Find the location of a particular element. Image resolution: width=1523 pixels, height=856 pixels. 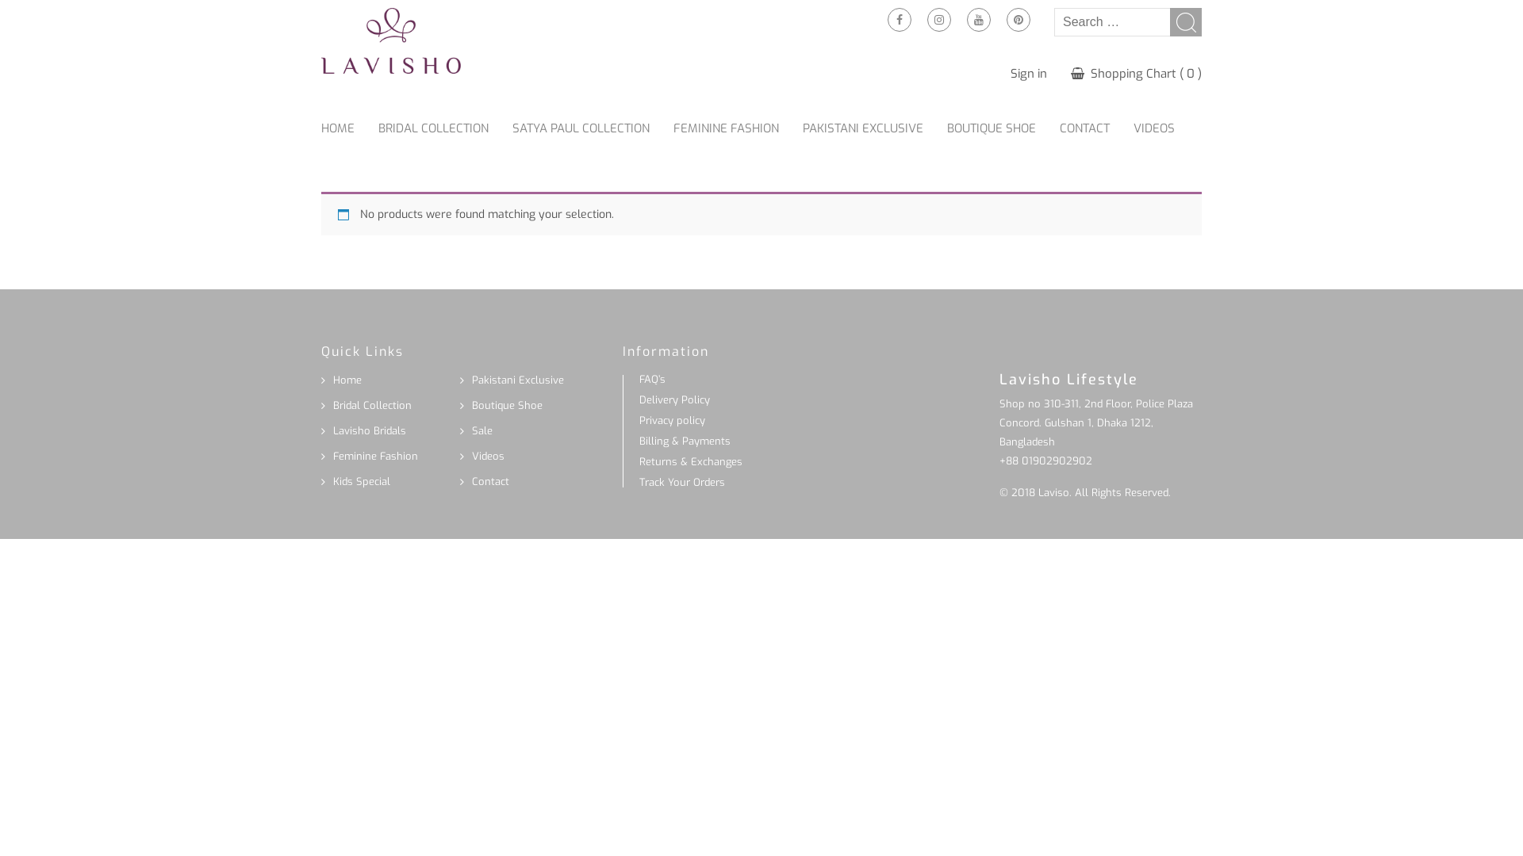

'Delivery Policy' is located at coordinates (674, 399).